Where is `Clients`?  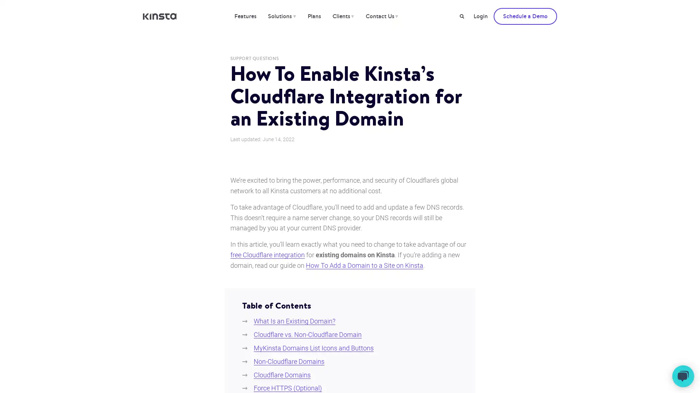 Clients is located at coordinates (342, 16).